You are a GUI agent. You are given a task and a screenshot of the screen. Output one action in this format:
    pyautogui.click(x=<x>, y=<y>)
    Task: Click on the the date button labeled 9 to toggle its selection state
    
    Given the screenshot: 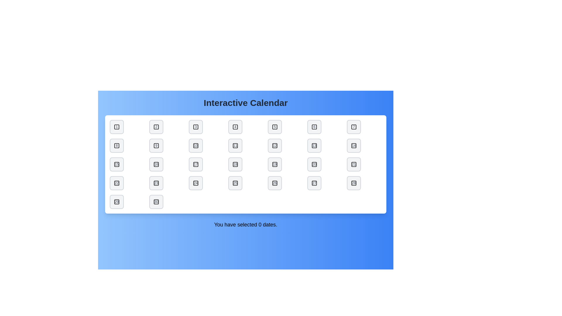 What is the action you would take?
    pyautogui.click(x=156, y=145)
    